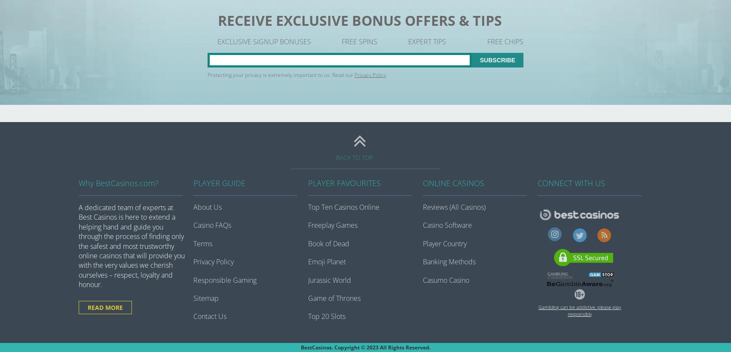 The height and width of the screenshot is (352, 731). I want to click on 'Book of Dead', so click(328, 243).